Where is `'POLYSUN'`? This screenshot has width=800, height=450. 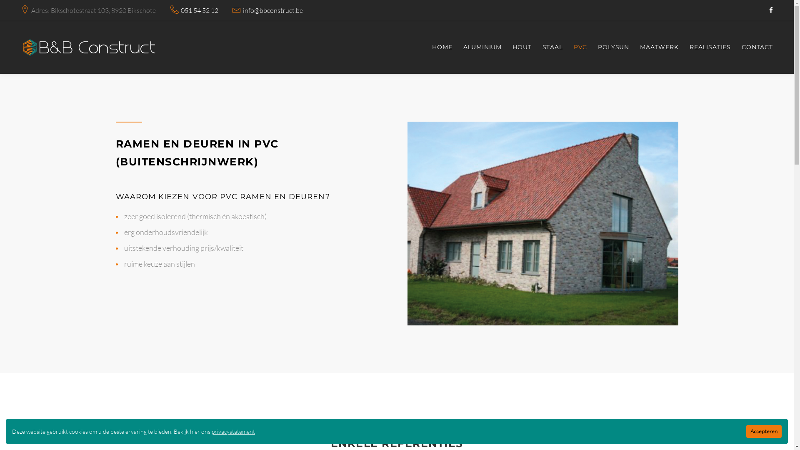
'POLYSUN' is located at coordinates (613, 47).